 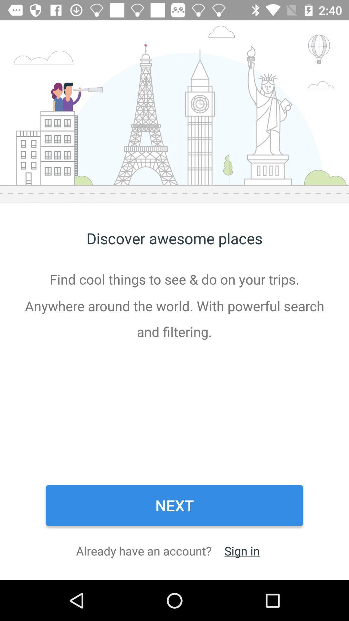 I want to click on the item to the right of the already have an item, so click(x=242, y=550).